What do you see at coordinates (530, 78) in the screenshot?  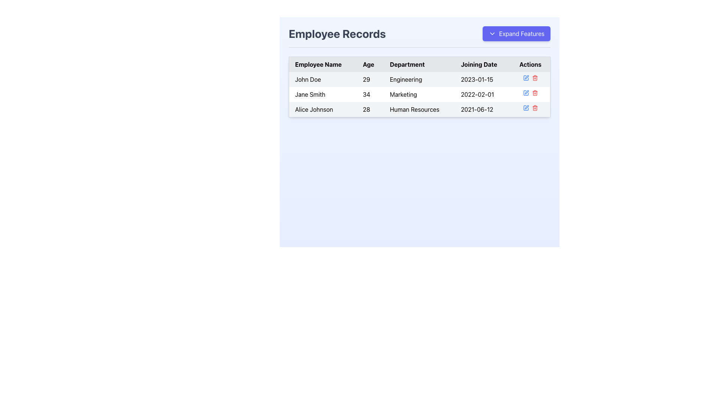 I see `the blue icon in the Actions column of the table` at bounding box center [530, 78].